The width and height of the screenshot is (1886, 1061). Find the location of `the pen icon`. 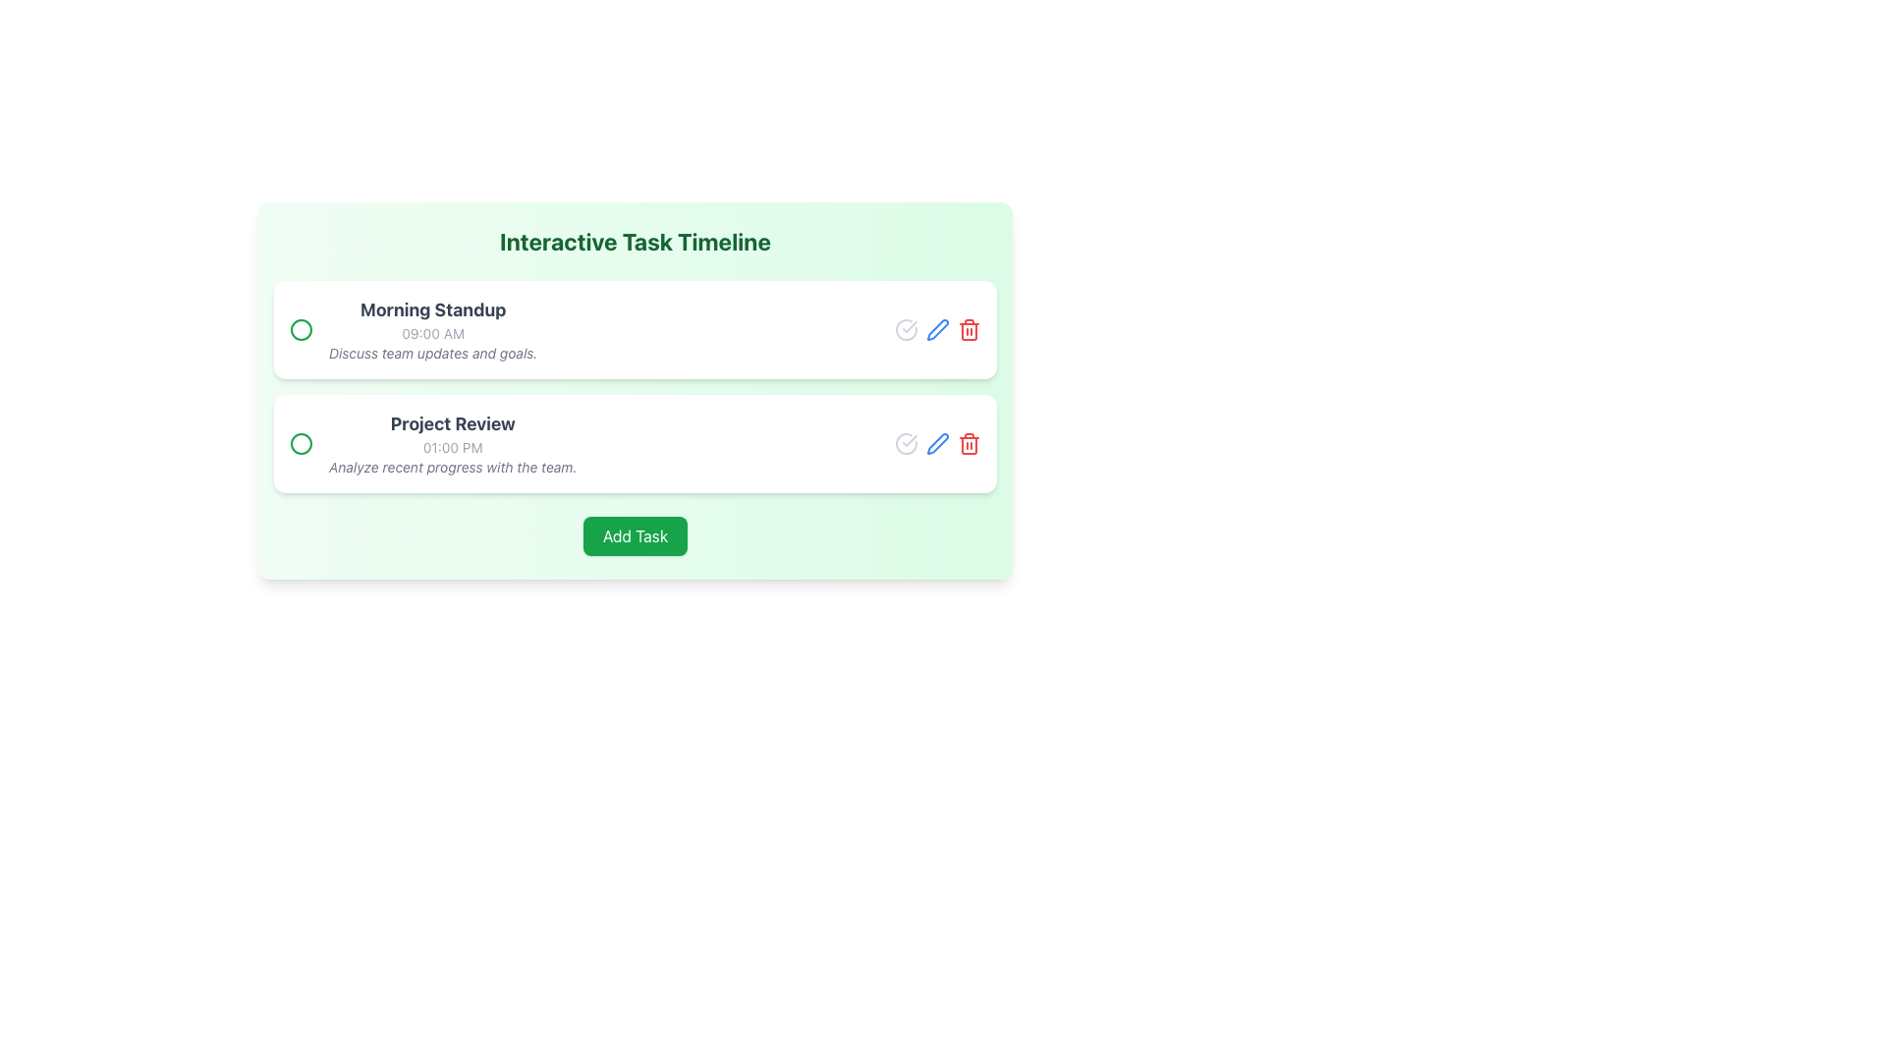

the pen icon is located at coordinates (937, 443).